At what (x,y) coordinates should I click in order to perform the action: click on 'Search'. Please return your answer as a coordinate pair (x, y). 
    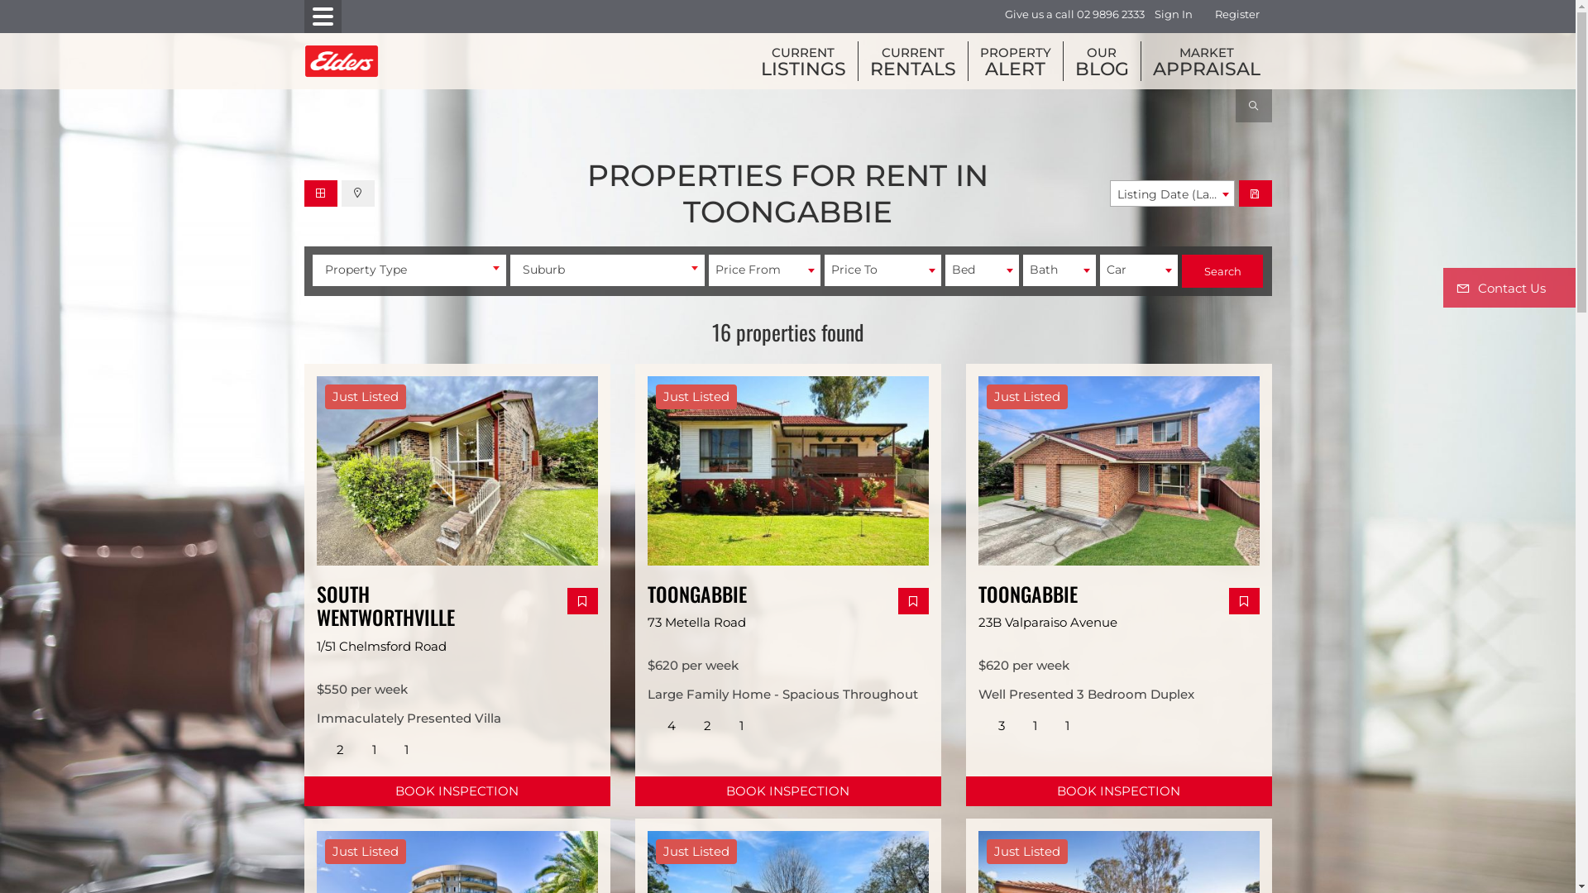
    Looking at the image, I should click on (1222, 270).